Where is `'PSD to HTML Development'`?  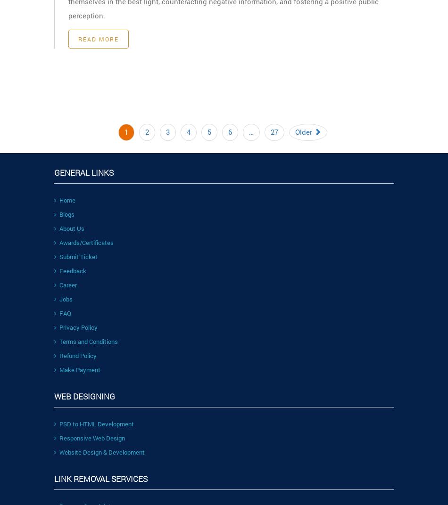
'PSD to HTML Development' is located at coordinates (97, 423).